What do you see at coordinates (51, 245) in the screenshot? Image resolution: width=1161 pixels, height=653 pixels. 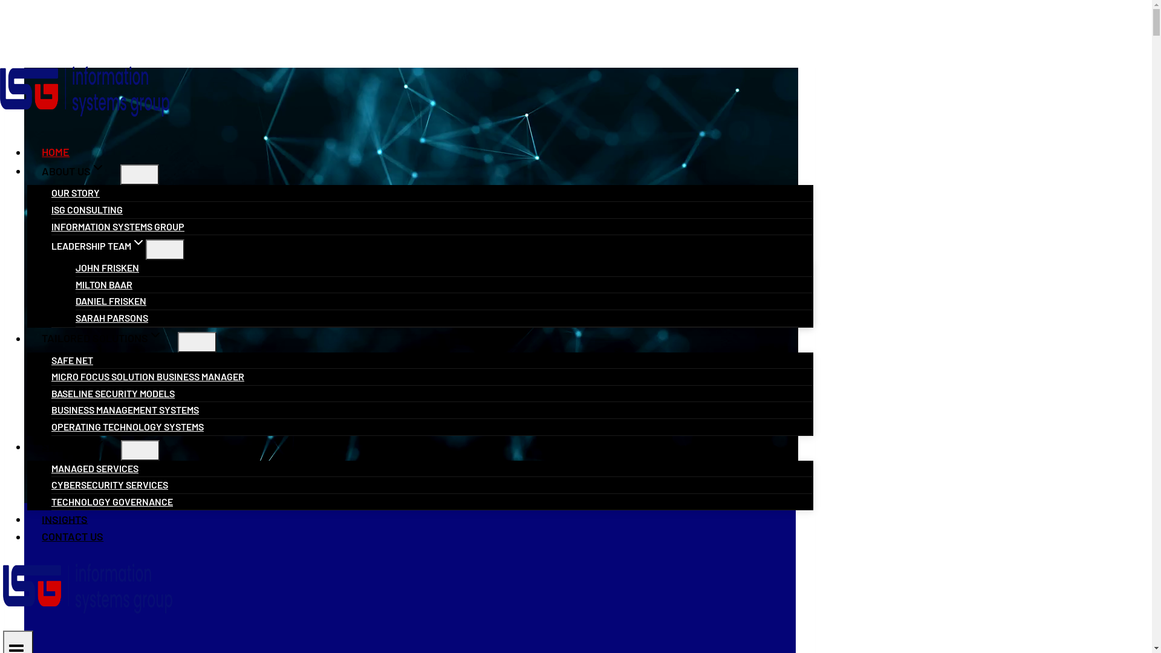 I see `'LEADERSHIP TEAMEXPAND'` at bounding box center [51, 245].